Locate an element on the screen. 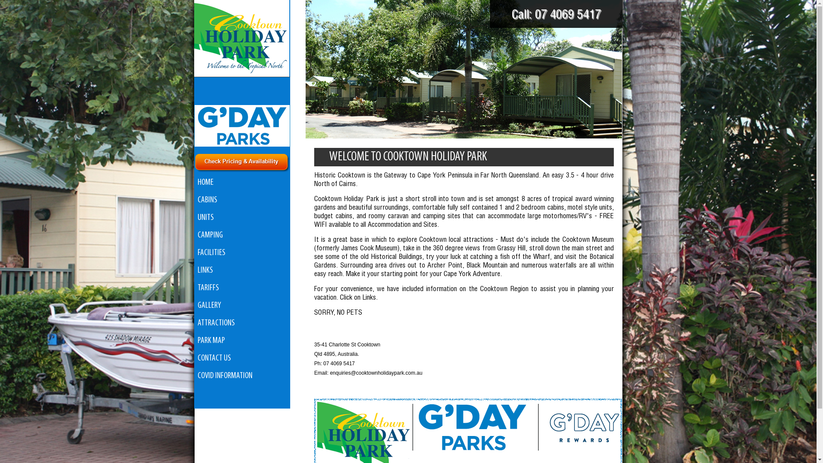  'ATTRACTIONS' is located at coordinates (242, 323).